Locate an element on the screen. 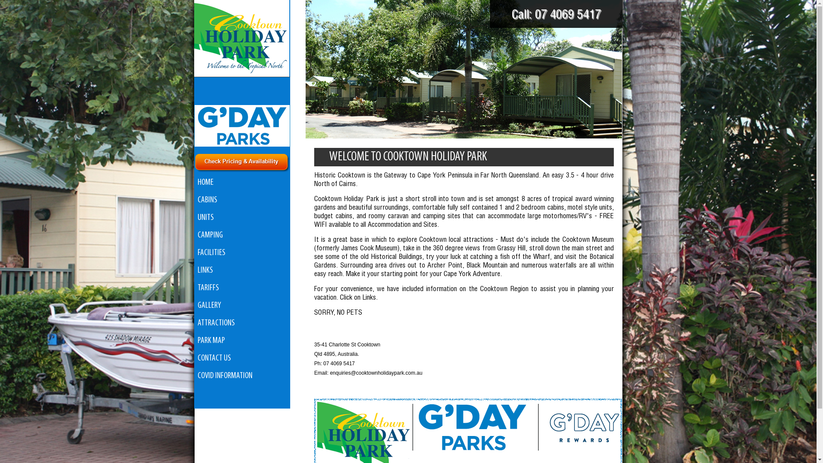  'ATTRACTIONS' is located at coordinates (242, 323).